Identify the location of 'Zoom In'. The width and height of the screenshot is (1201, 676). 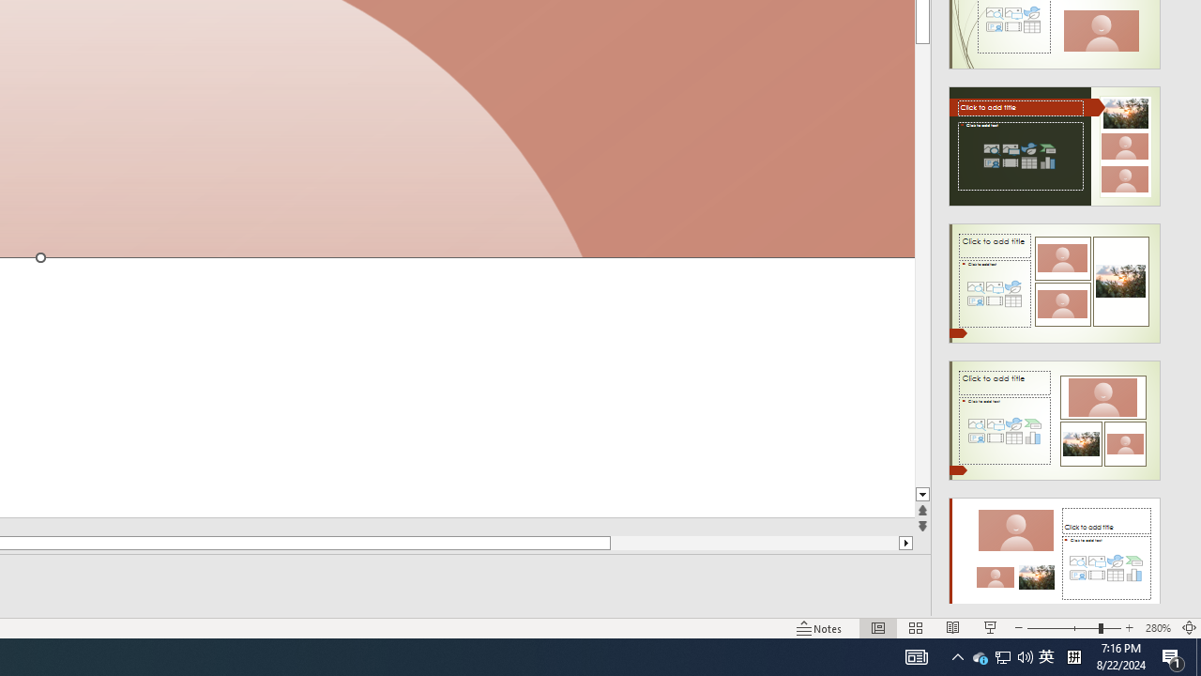
(1129, 628).